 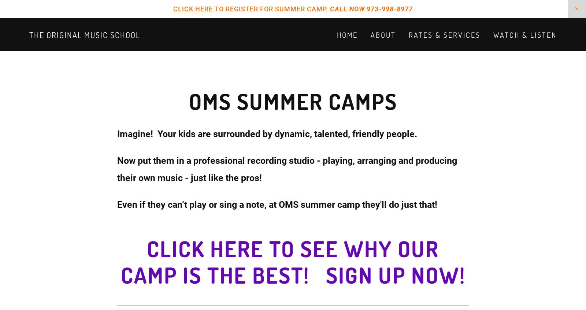 What do you see at coordinates (444, 35) in the screenshot?
I see `'Rates & Services'` at bounding box center [444, 35].